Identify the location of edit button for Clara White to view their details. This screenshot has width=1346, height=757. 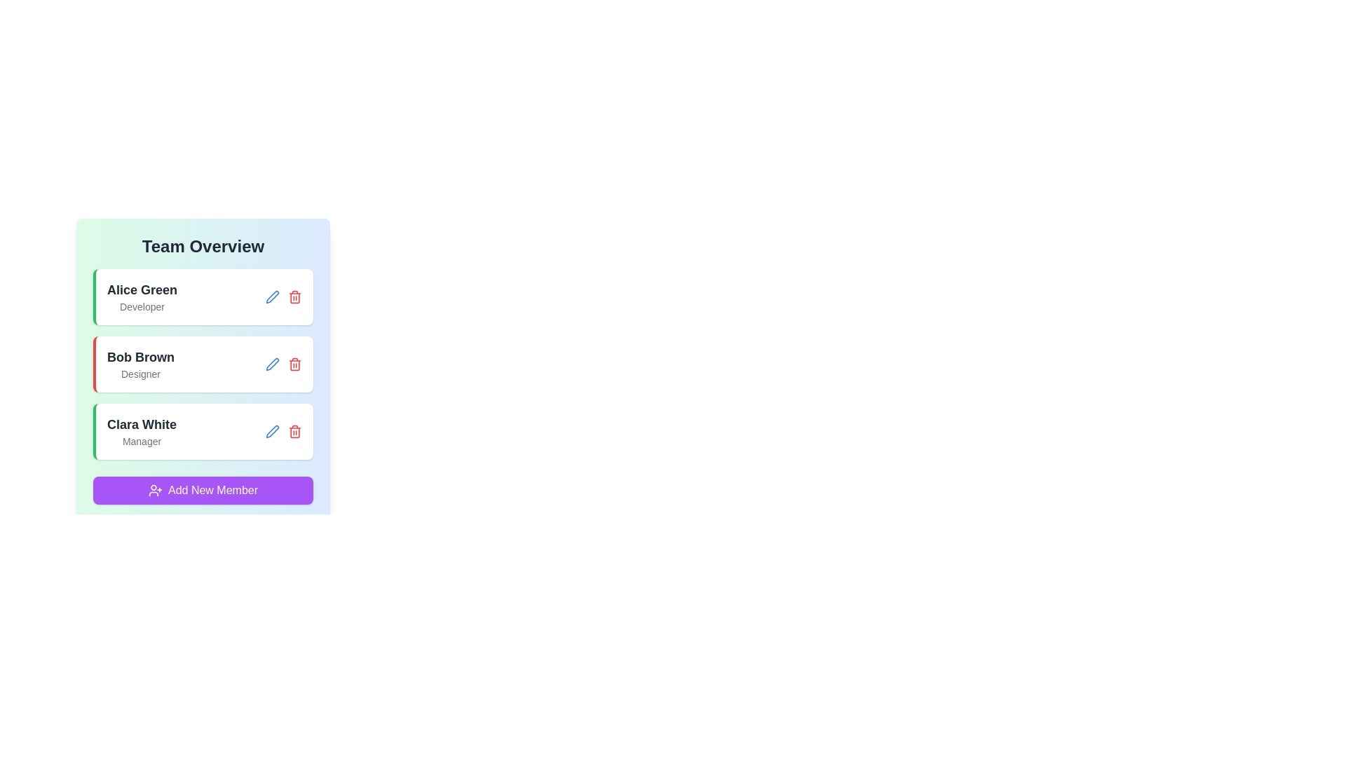
(272, 431).